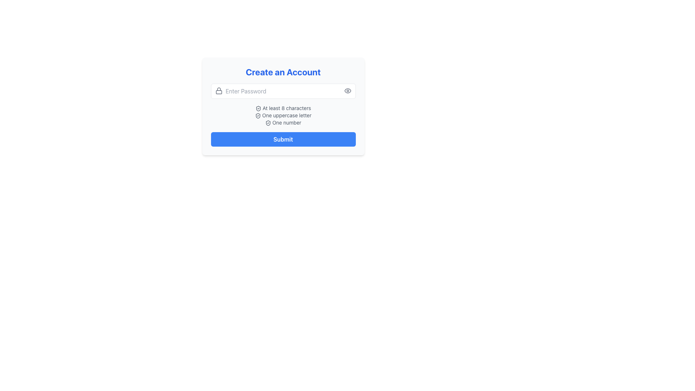 The width and height of the screenshot is (695, 391). What do you see at coordinates (283, 139) in the screenshot?
I see `the Submit button located at the bottom of the 'Create an Account' form to observe a color change` at bounding box center [283, 139].